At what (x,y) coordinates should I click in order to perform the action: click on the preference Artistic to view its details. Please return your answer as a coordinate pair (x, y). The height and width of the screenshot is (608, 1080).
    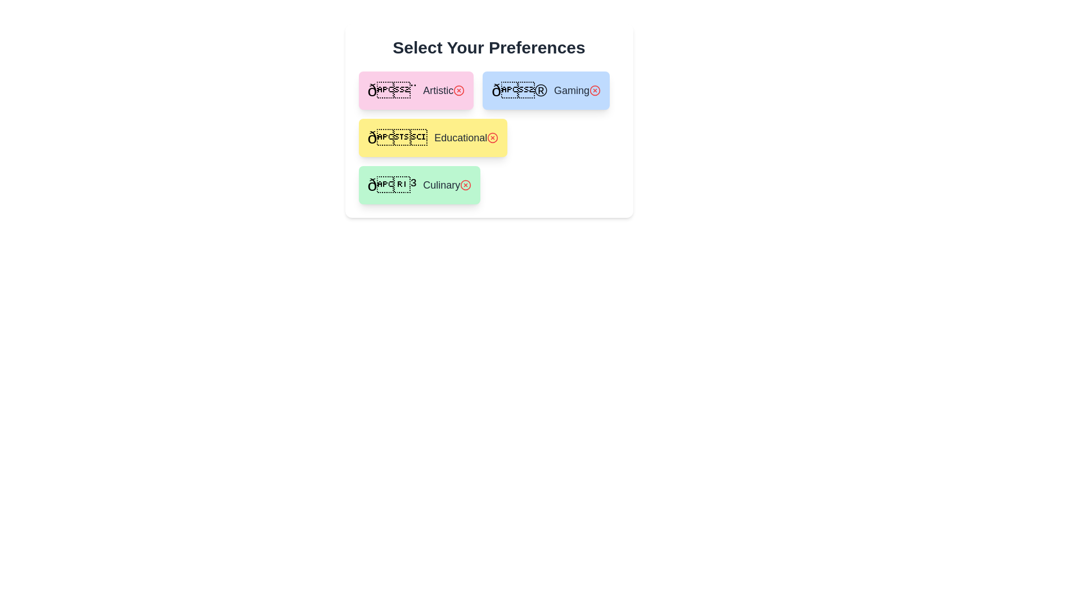
    Looking at the image, I should click on (415, 90).